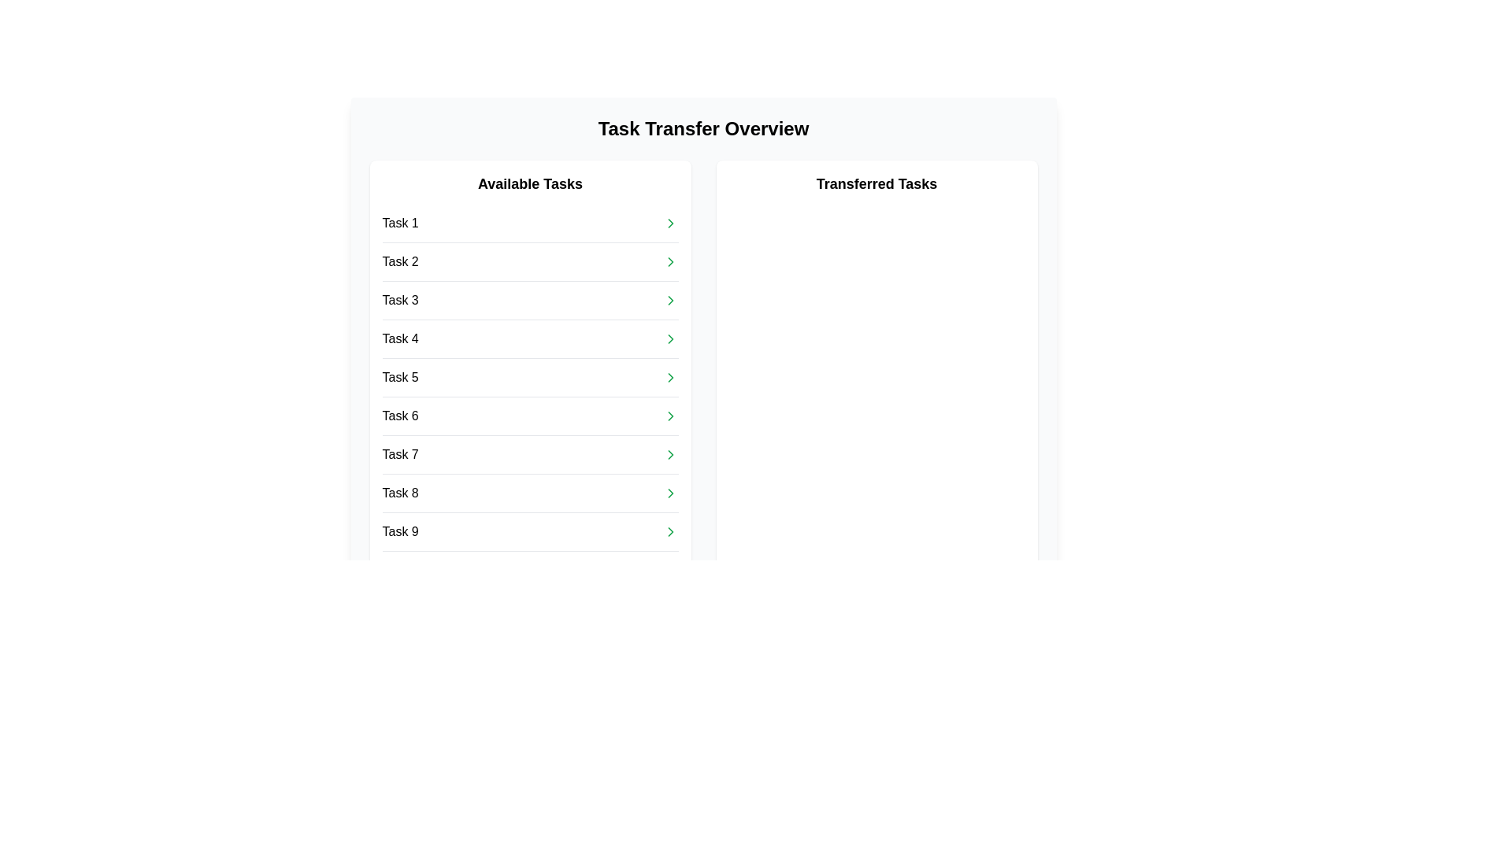  Describe the element at coordinates (530, 261) in the screenshot. I see `the list item labeled 'Task 2'` at that location.